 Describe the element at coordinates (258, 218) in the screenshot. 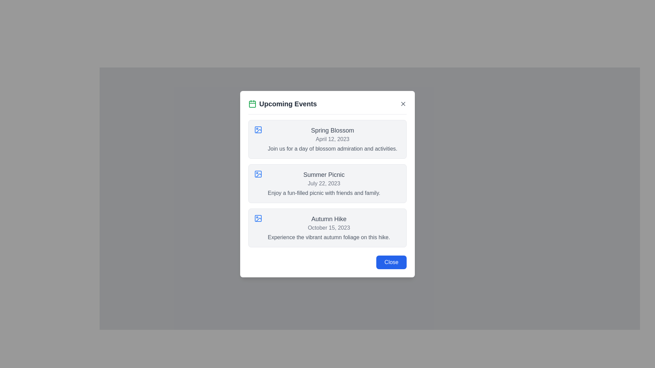

I see `the icon located to the left of the text titled 'Autumn Hike' in the 'Upcoming Events' section` at that location.